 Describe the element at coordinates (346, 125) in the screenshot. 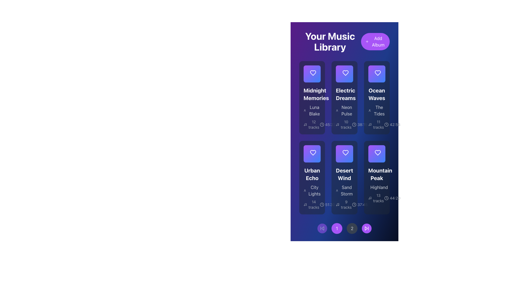

I see `the informational text label displaying the number of tracks available in the 'Electric Dreams' album, which is located beneath the album's subtitle and above the album duration` at that location.